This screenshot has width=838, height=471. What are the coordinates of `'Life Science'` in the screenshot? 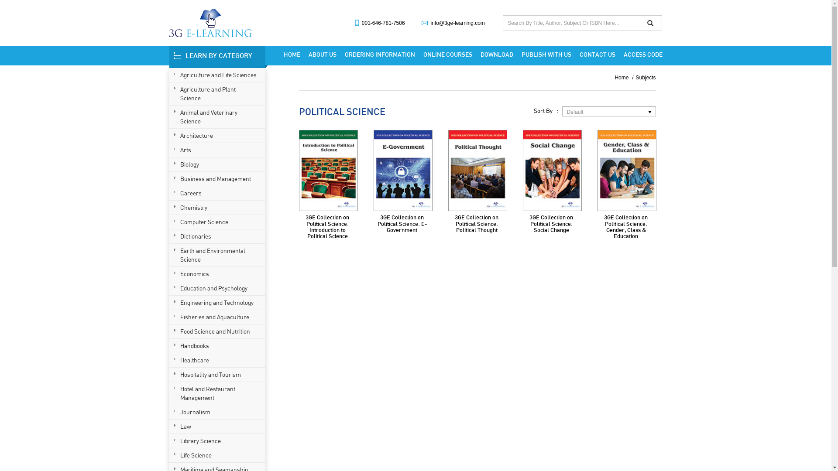 It's located at (171, 455).